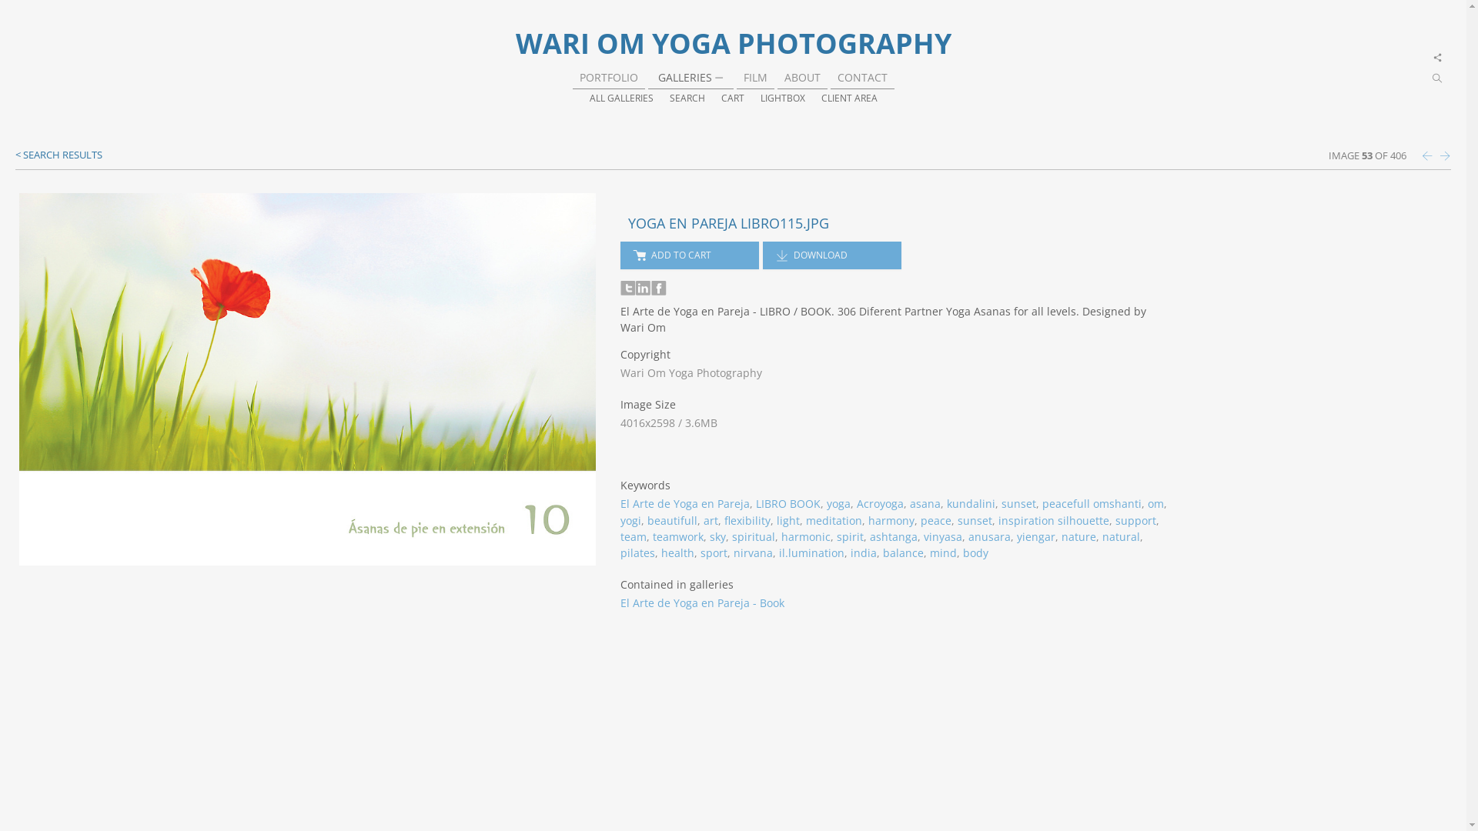 The height and width of the screenshot is (831, 1478). What do you see at coordinates (1437, 57) in the screenshot?
I see `'x'` at bounding box center [1437, 57].